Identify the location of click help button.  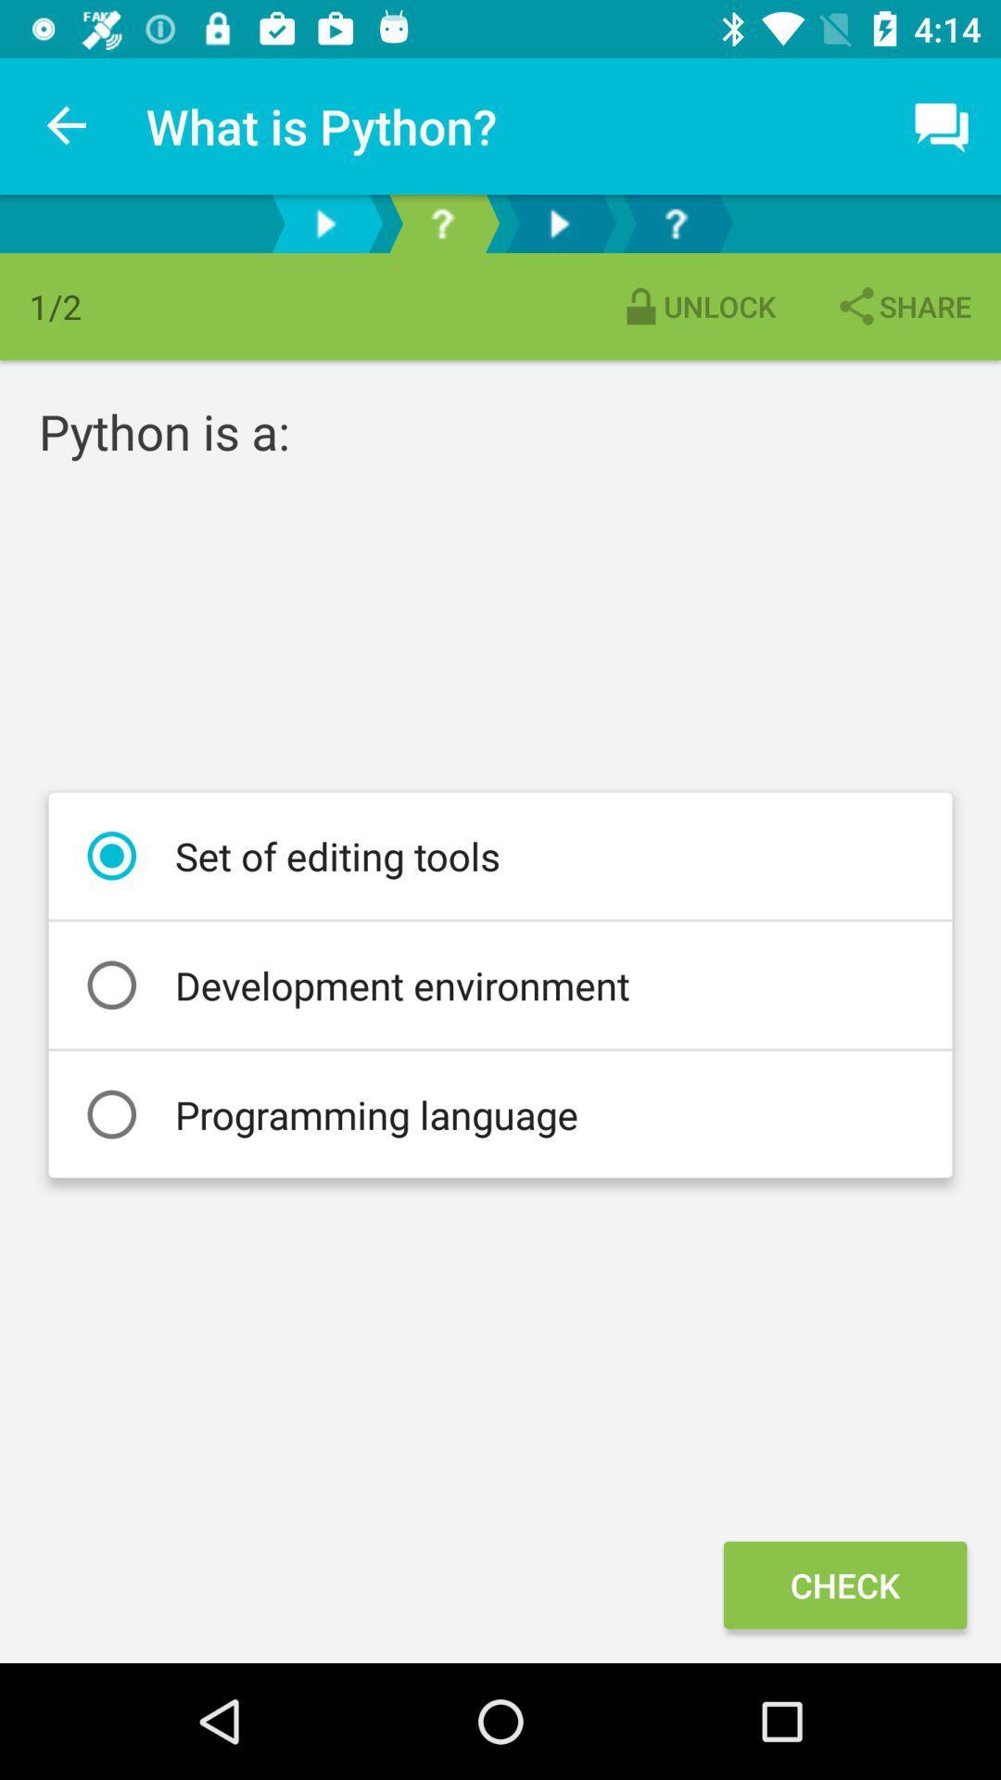
(442, 222).